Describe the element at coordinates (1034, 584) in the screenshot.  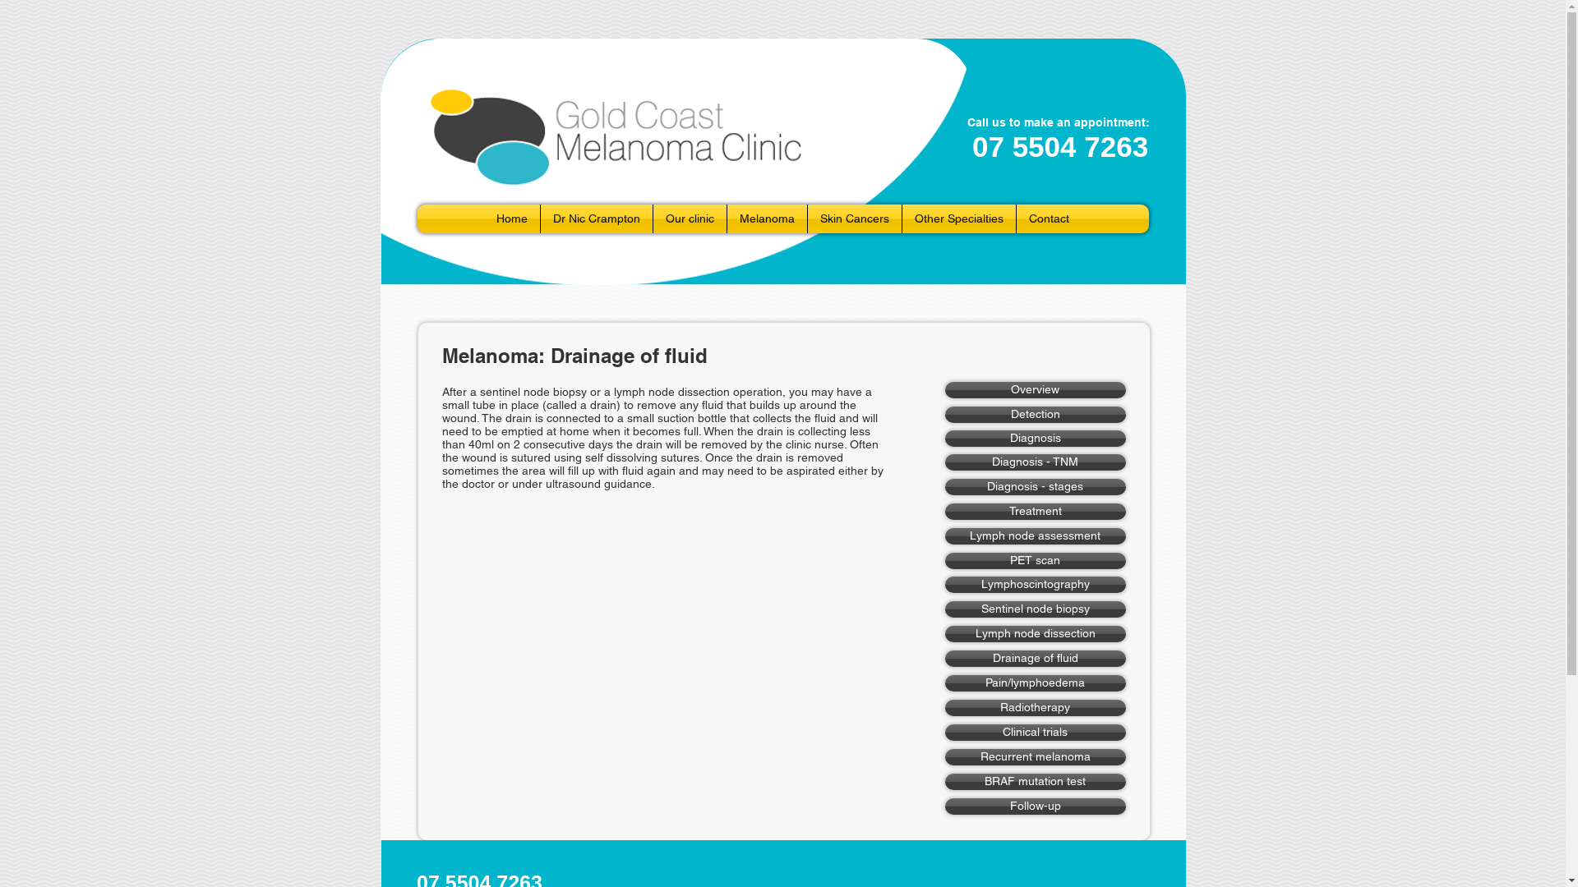
I see `'Lymphoscintography'` at that location.